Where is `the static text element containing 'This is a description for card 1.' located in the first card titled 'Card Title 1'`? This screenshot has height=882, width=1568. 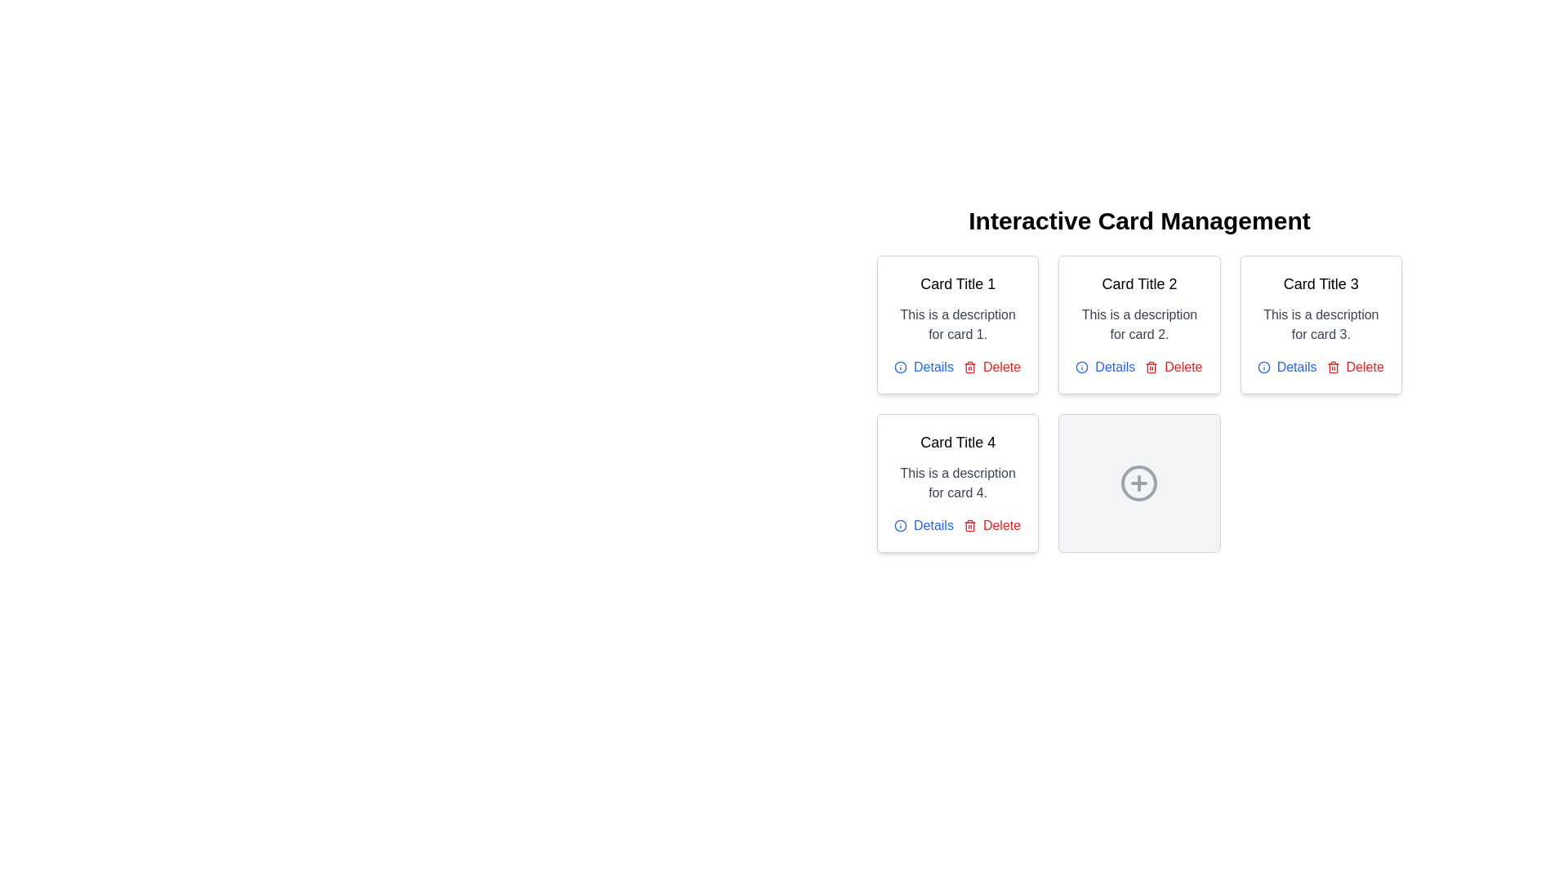
the static text element containing 'This is a description for card 1.' located in the first card titled 'Card Title 1' is located at coordinates (958, 324).